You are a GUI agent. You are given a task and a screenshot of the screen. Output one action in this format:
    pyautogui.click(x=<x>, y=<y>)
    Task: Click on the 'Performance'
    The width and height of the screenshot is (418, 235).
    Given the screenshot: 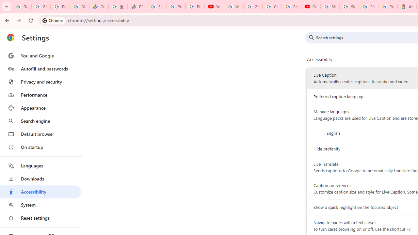 What is the action you would take?
    pyautogui.click(x=40, y=95)
    